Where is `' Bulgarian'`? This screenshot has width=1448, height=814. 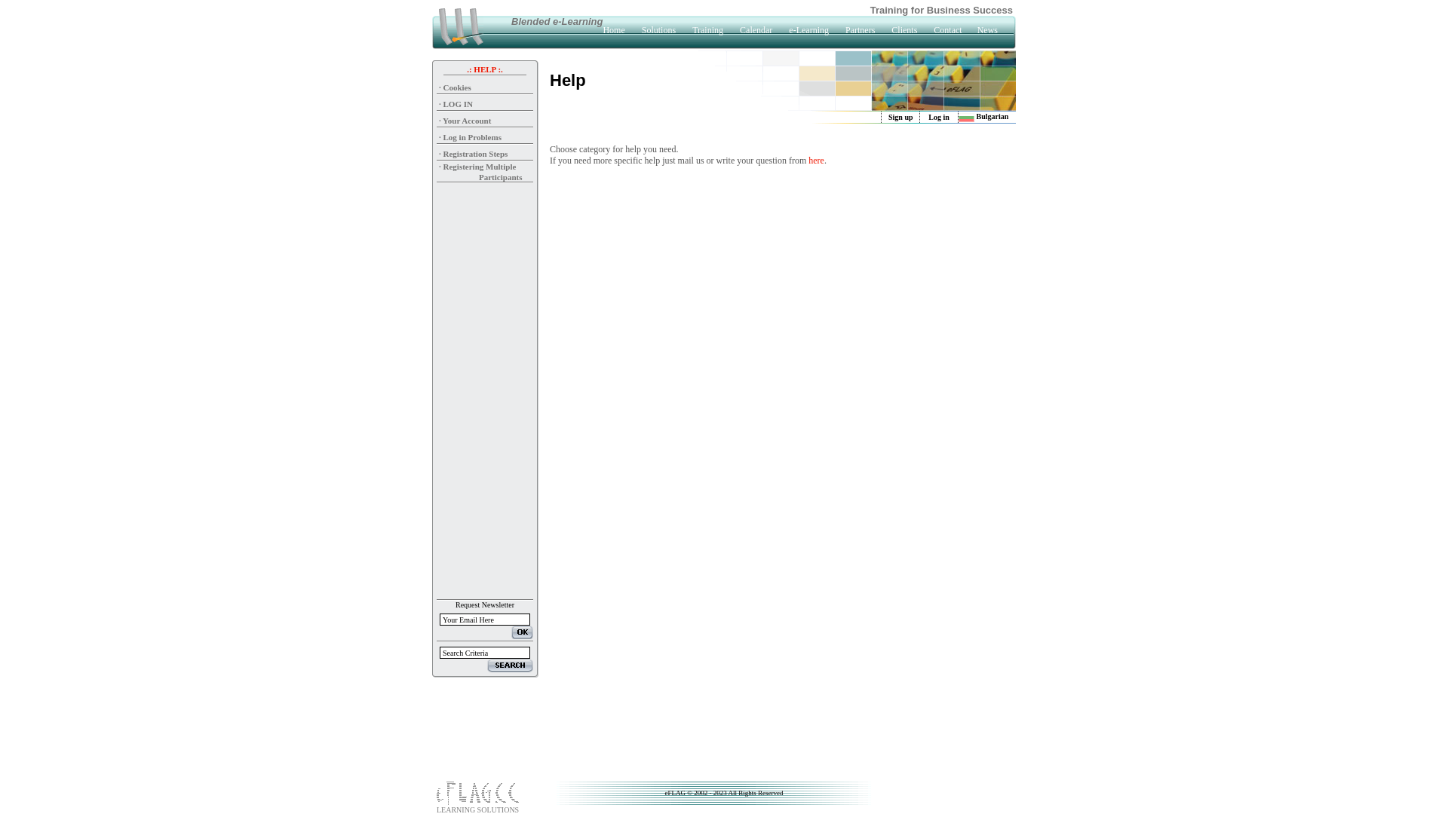 ' Bulgarian' is located at coordinates (983, 115).